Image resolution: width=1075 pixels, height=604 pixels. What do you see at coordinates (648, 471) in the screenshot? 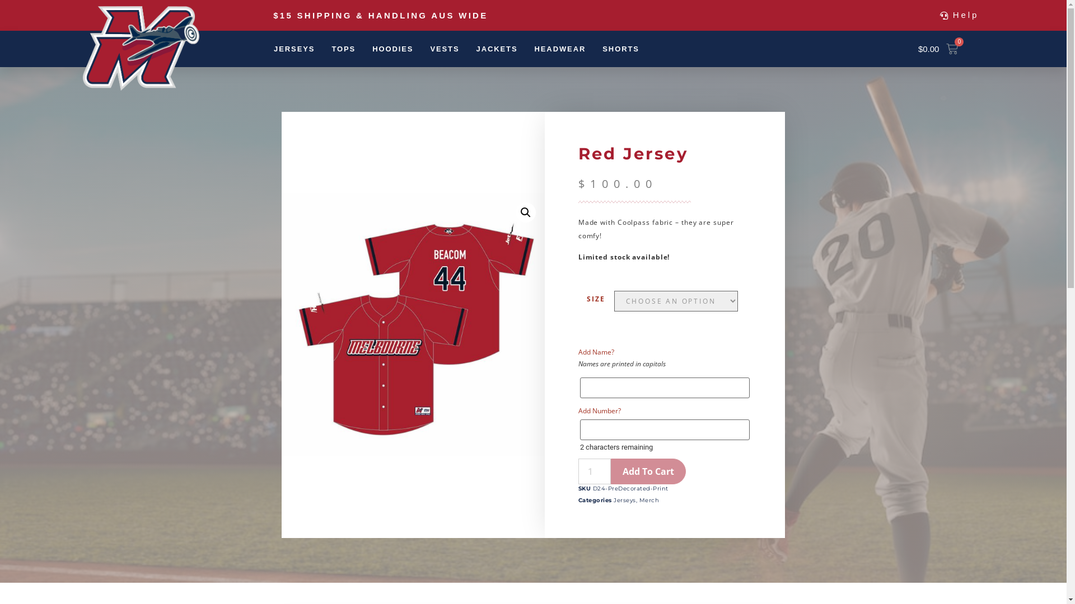
I see `'Add To Cart'` at bounding box center [648, 471].